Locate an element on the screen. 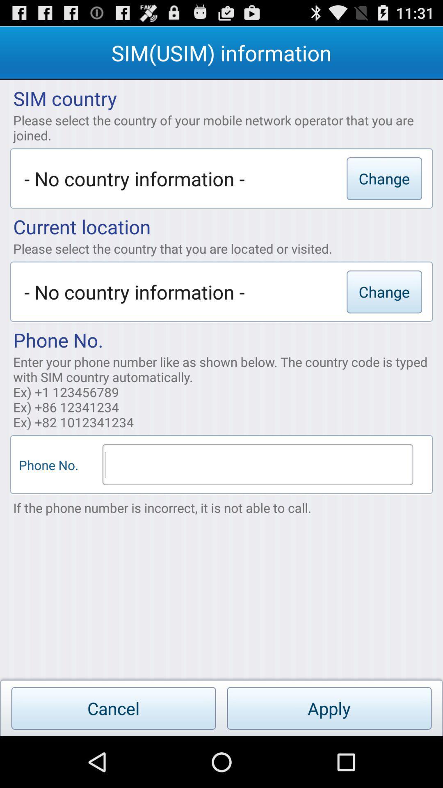  item at the bottom right corner is located at coordinates (329, 708).